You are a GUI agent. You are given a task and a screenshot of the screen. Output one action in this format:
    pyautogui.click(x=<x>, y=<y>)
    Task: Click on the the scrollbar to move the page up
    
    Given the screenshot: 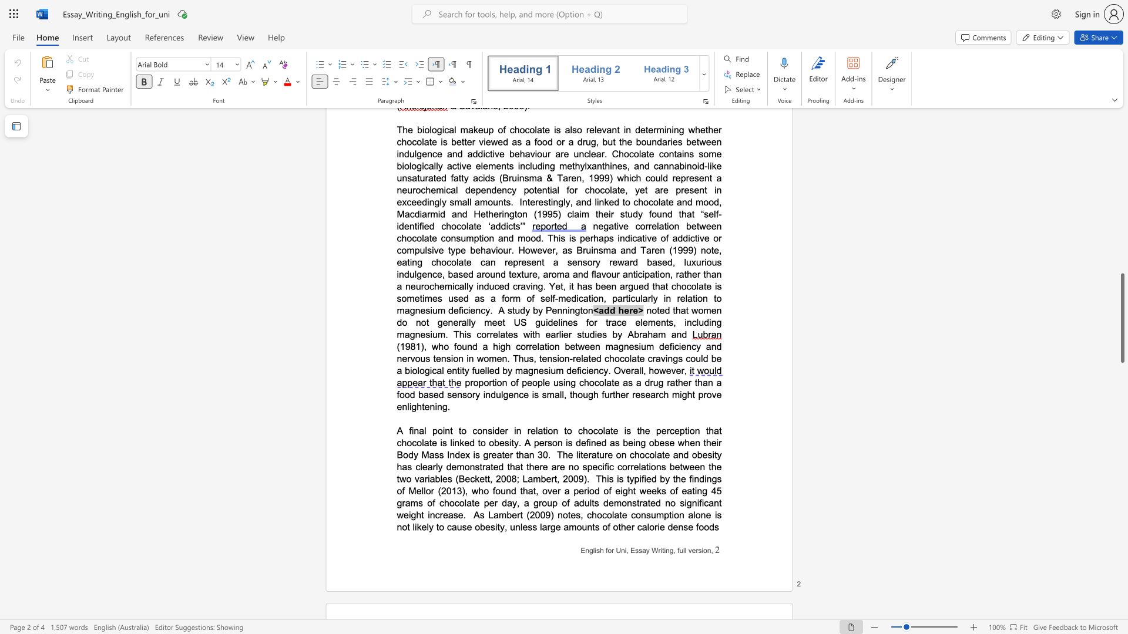 What is the action you would take?
    pyautogui.click(x=1122, y=217)
    